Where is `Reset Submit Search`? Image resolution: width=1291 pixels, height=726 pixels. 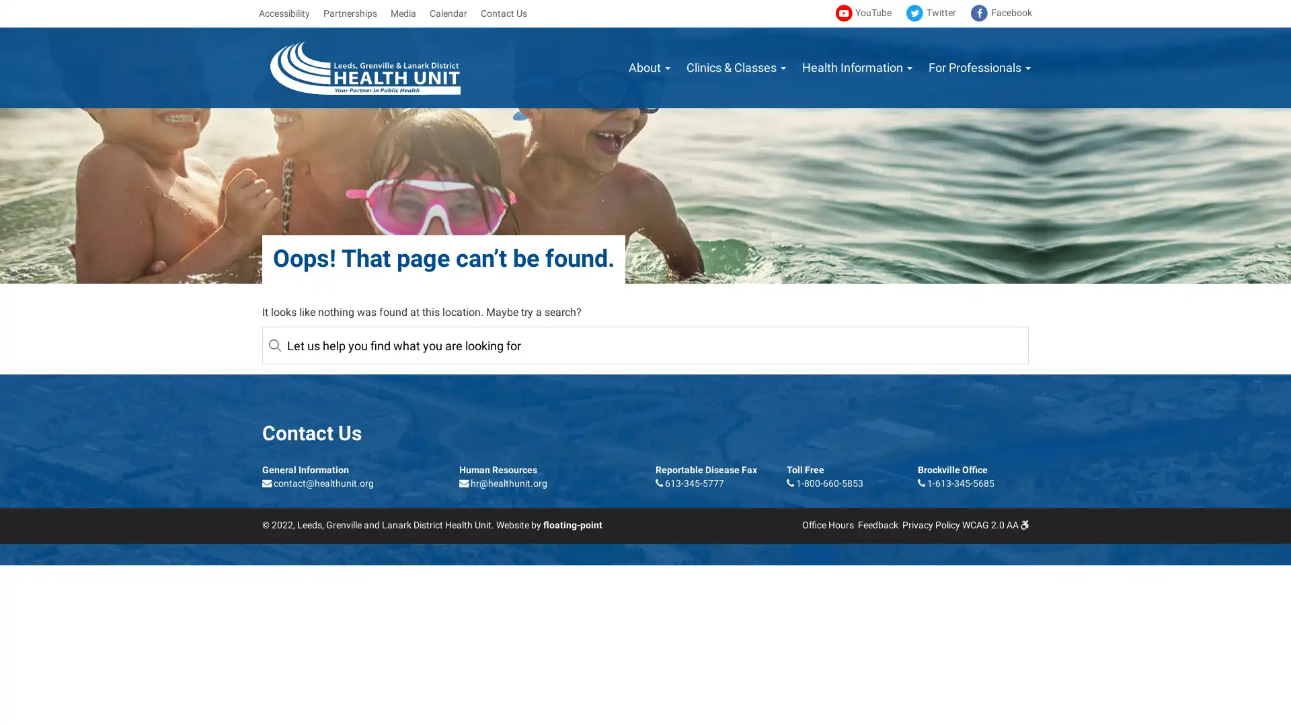 Reset Submit Search is located at coordinates (274, 344).